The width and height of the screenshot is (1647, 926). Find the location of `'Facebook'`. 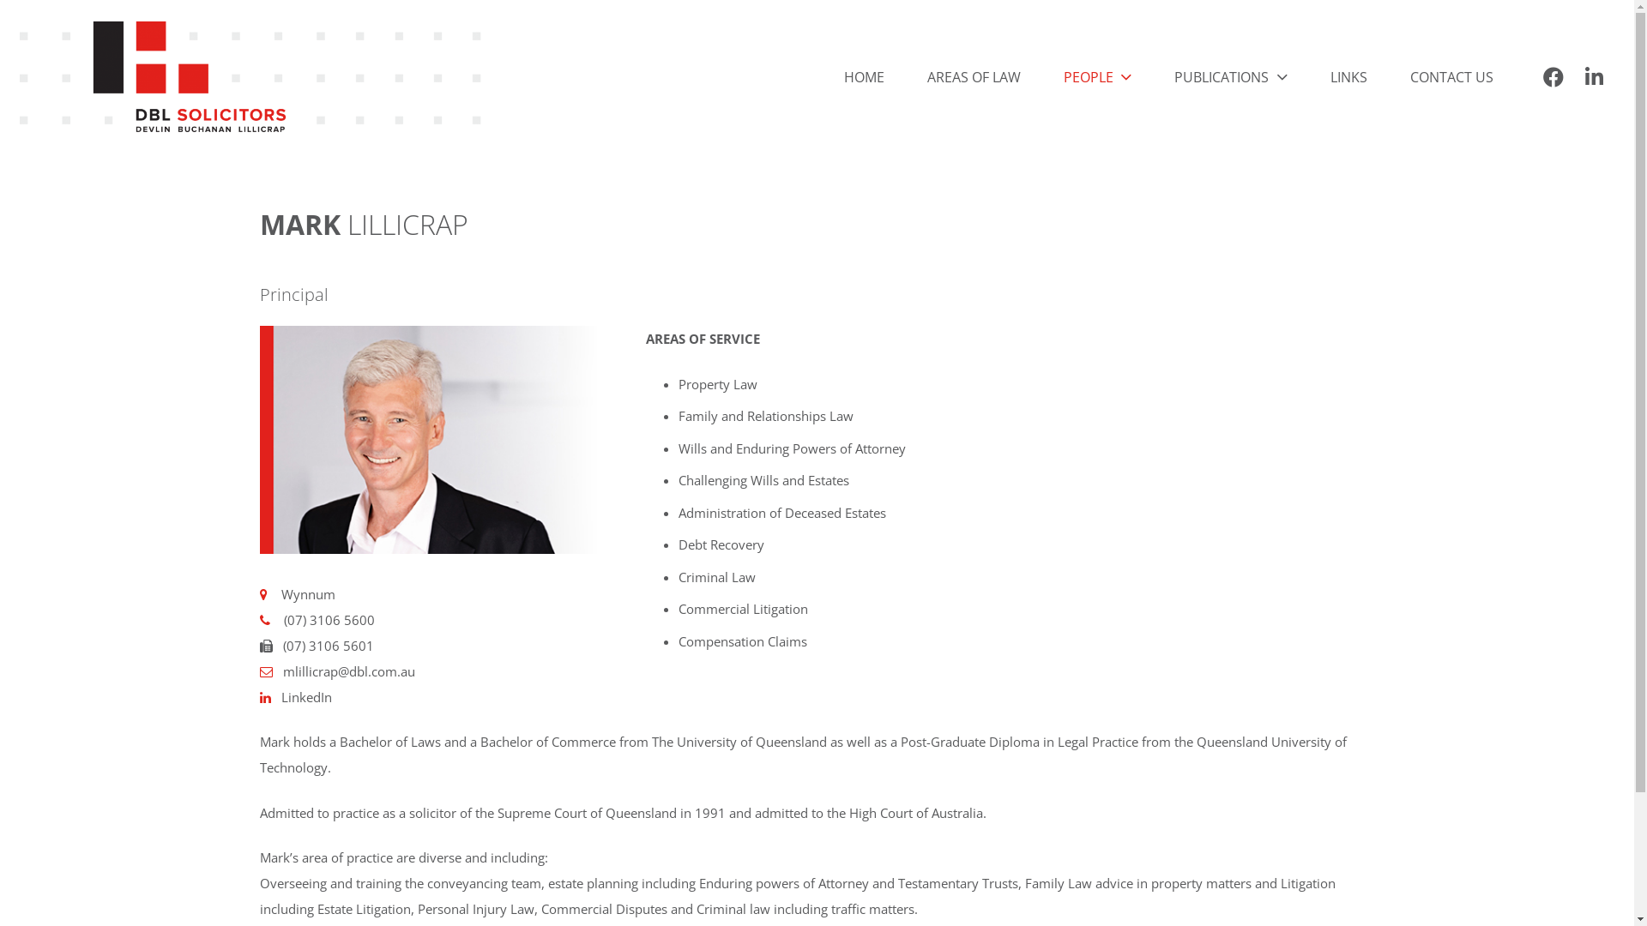

'Facebook' is located at coordinates (1531, 75).